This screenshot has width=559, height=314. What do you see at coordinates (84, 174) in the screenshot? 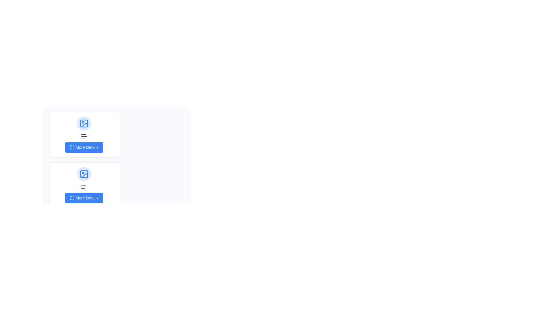
I see `the blue picture frame icon with a circular dot in the upper left corner, located in the bottom tile of a vertically stacked list of cards` at bounding box center [84, 174].